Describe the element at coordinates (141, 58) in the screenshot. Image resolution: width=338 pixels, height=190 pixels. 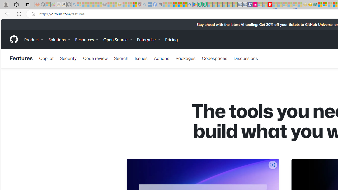
I see `'Issues'` at that location.